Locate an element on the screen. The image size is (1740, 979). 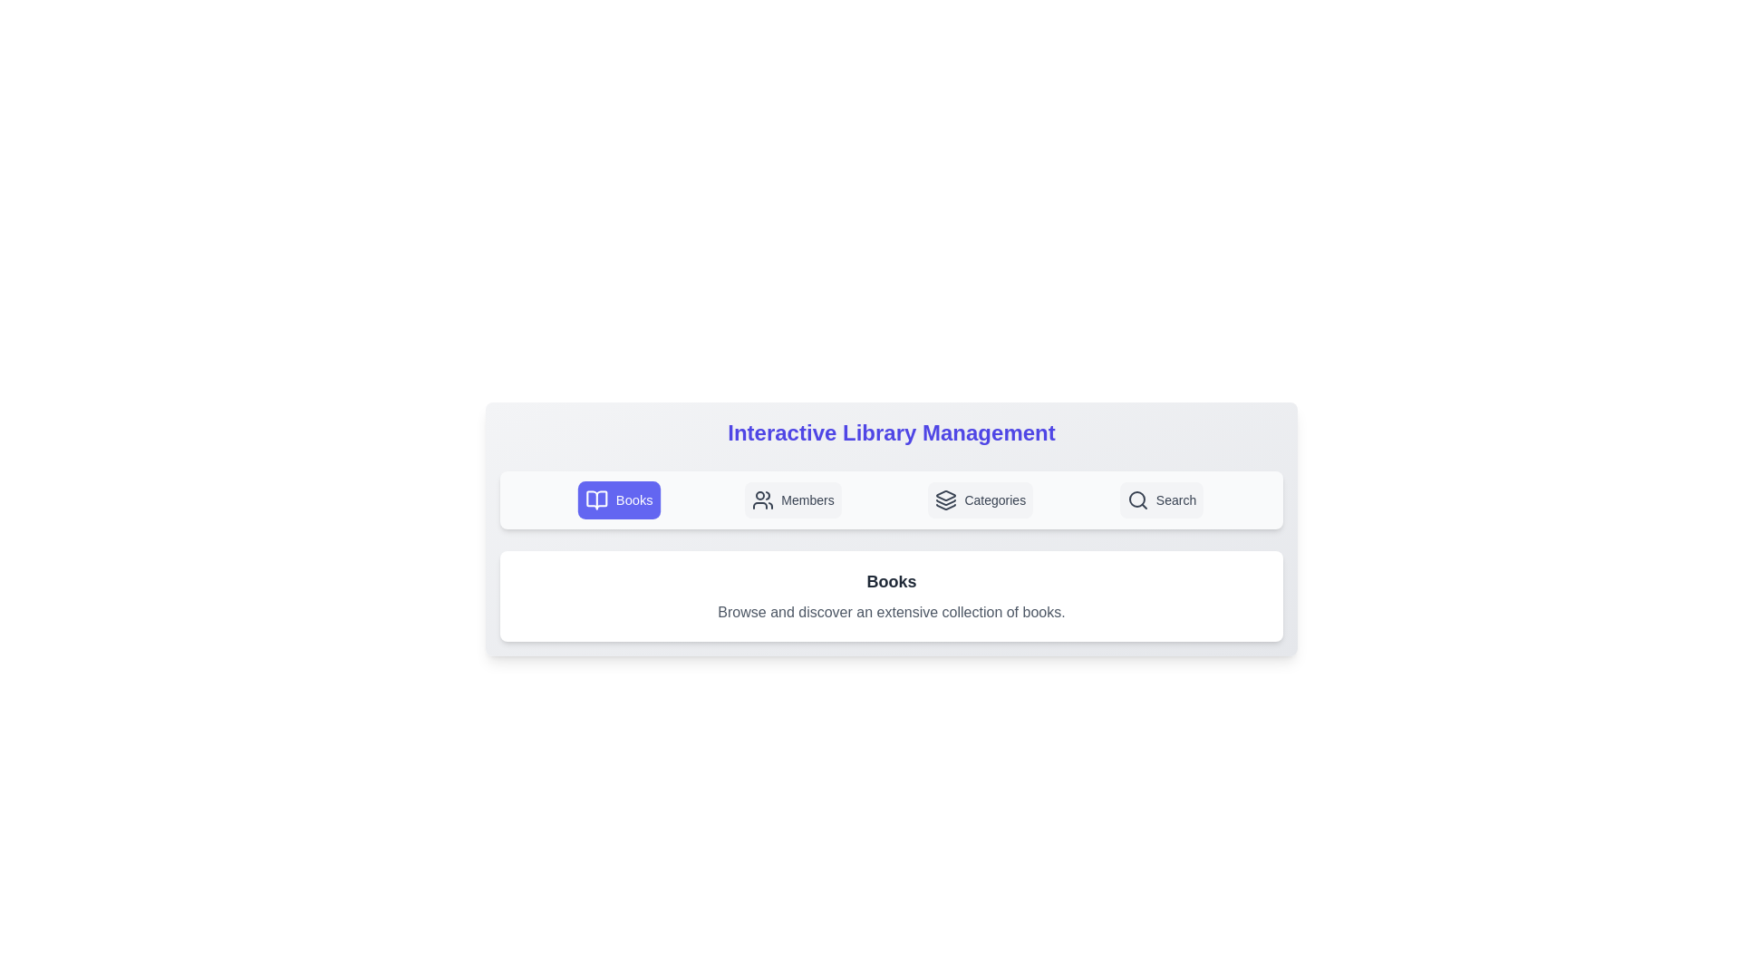
the 'Books' button with a purple background and white text is located at coordinates (619, 499).